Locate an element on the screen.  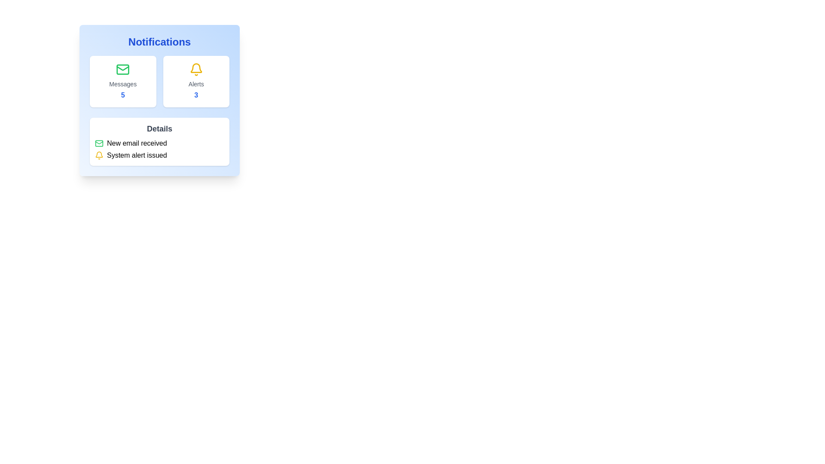
the label that describes the count of messages in the 'Notifications' section, situated between a green email icon and the bold number '5' is located at coordinates (122, 84).